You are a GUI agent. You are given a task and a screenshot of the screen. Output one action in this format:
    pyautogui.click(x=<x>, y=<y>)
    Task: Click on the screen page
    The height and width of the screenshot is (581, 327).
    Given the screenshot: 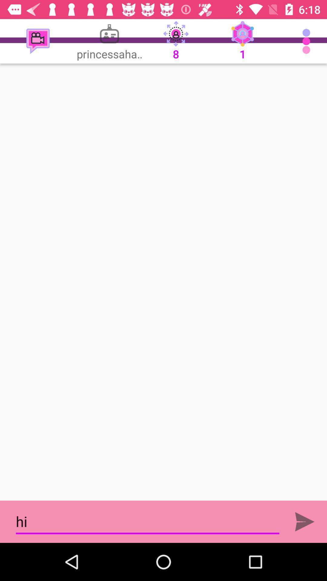 What is the action you would take?
    pyautogui.click(x=163, y=282)
    